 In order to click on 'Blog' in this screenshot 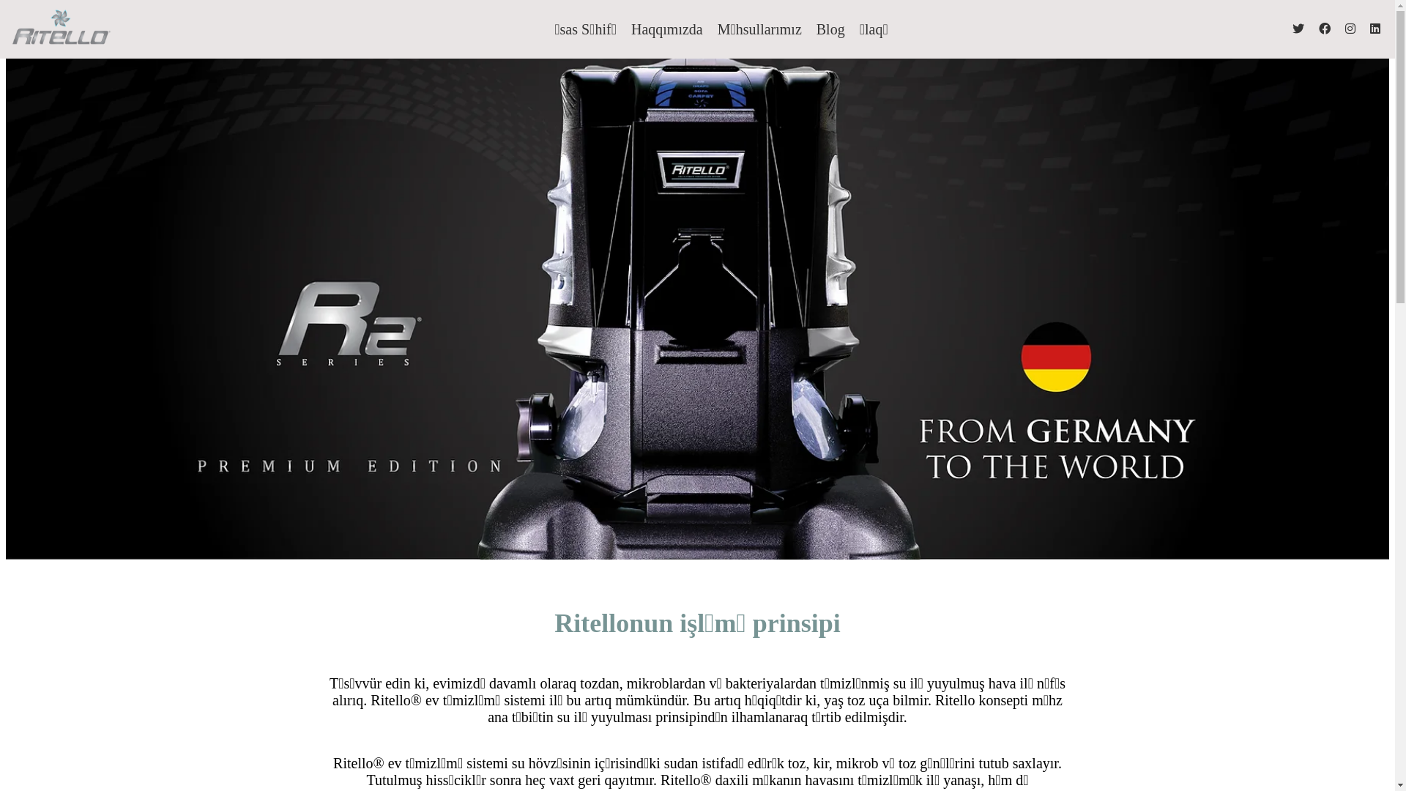, I will do `click(830, 29)`.